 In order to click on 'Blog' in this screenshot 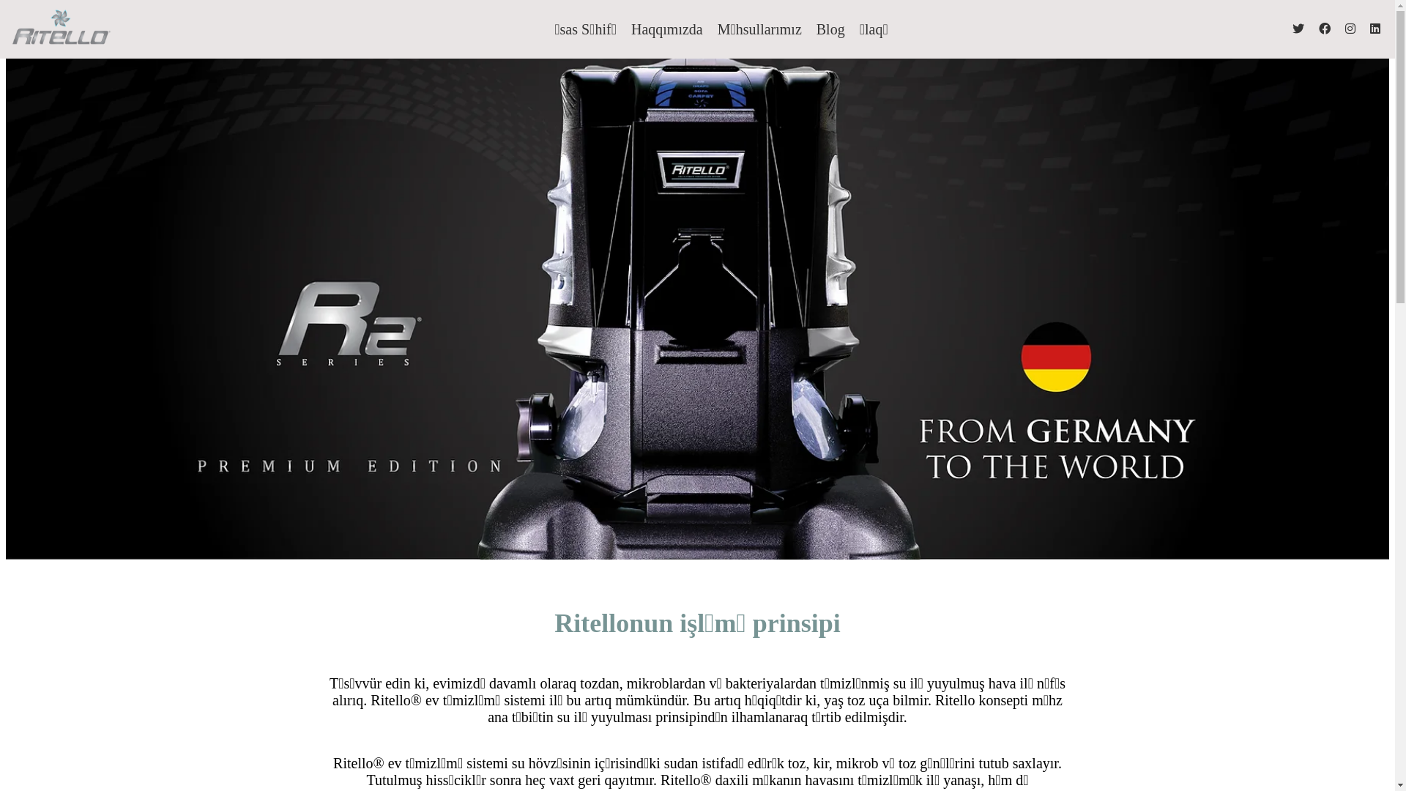, I will do `click(830, 29)`.